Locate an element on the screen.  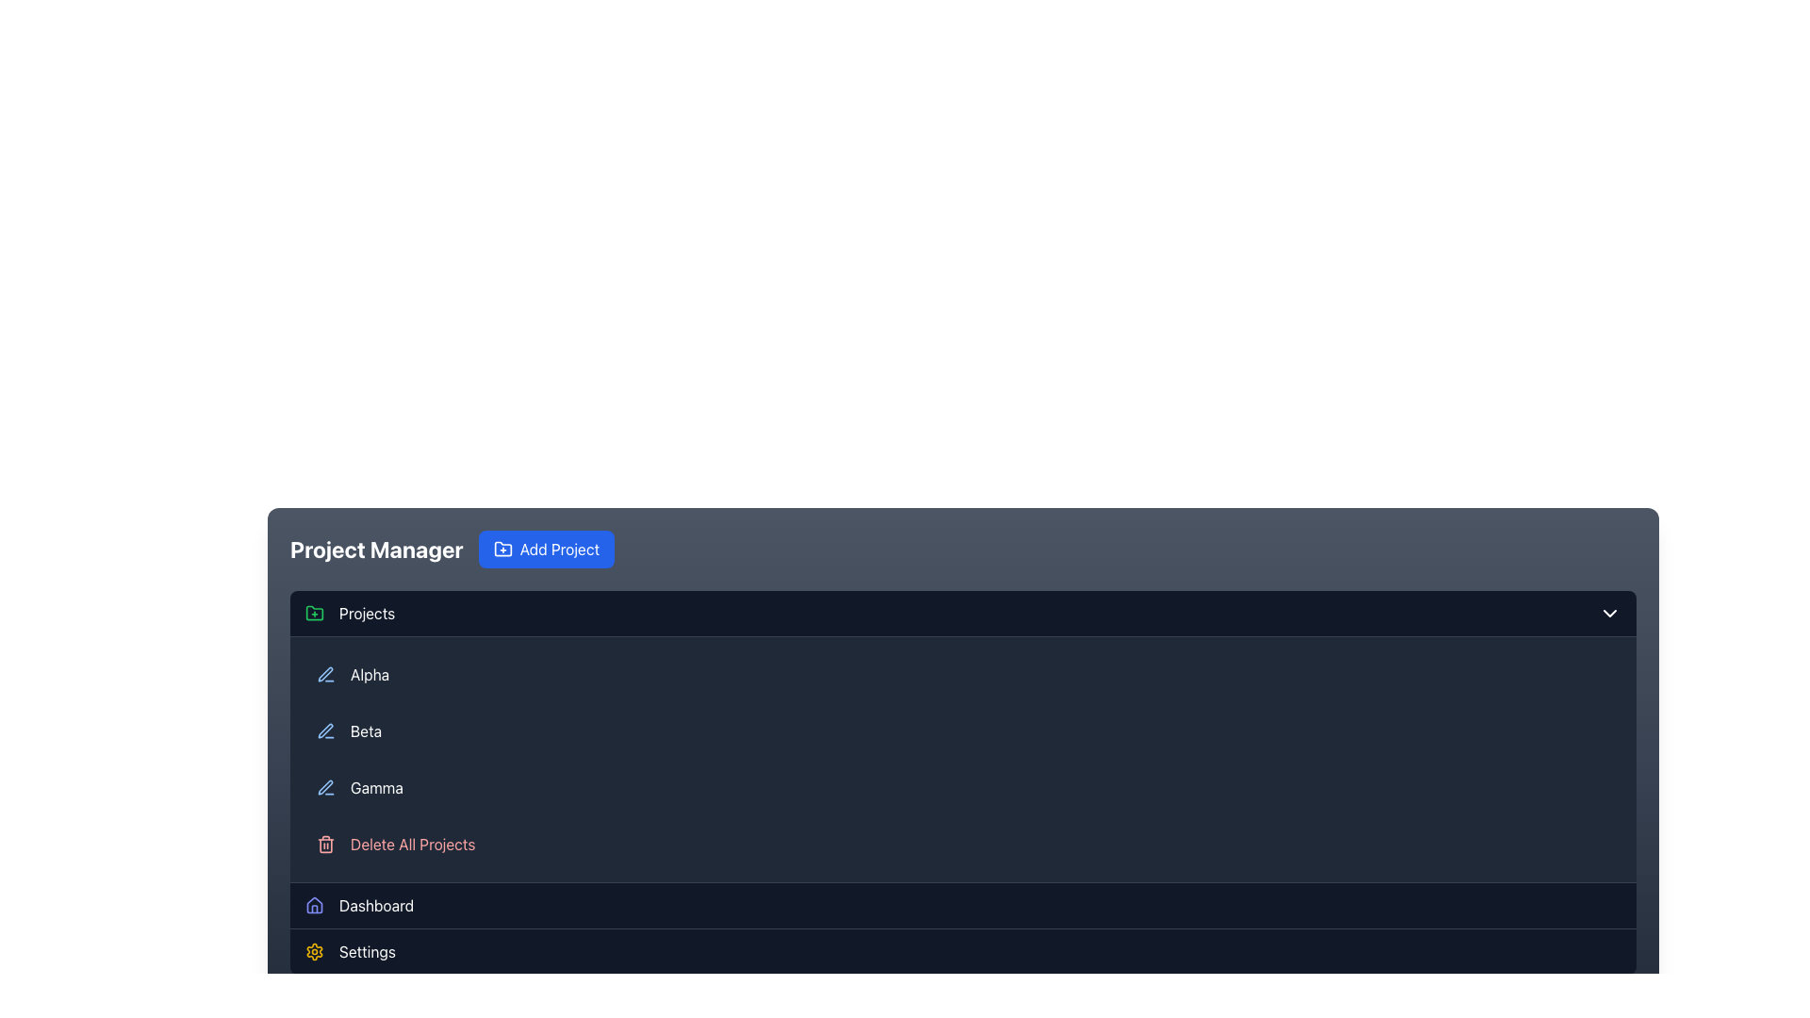
the navigation button that redirects users to the dashboard section, located between 'Delete All Projects' and 'Settings' is located at coordinates (963, 904).